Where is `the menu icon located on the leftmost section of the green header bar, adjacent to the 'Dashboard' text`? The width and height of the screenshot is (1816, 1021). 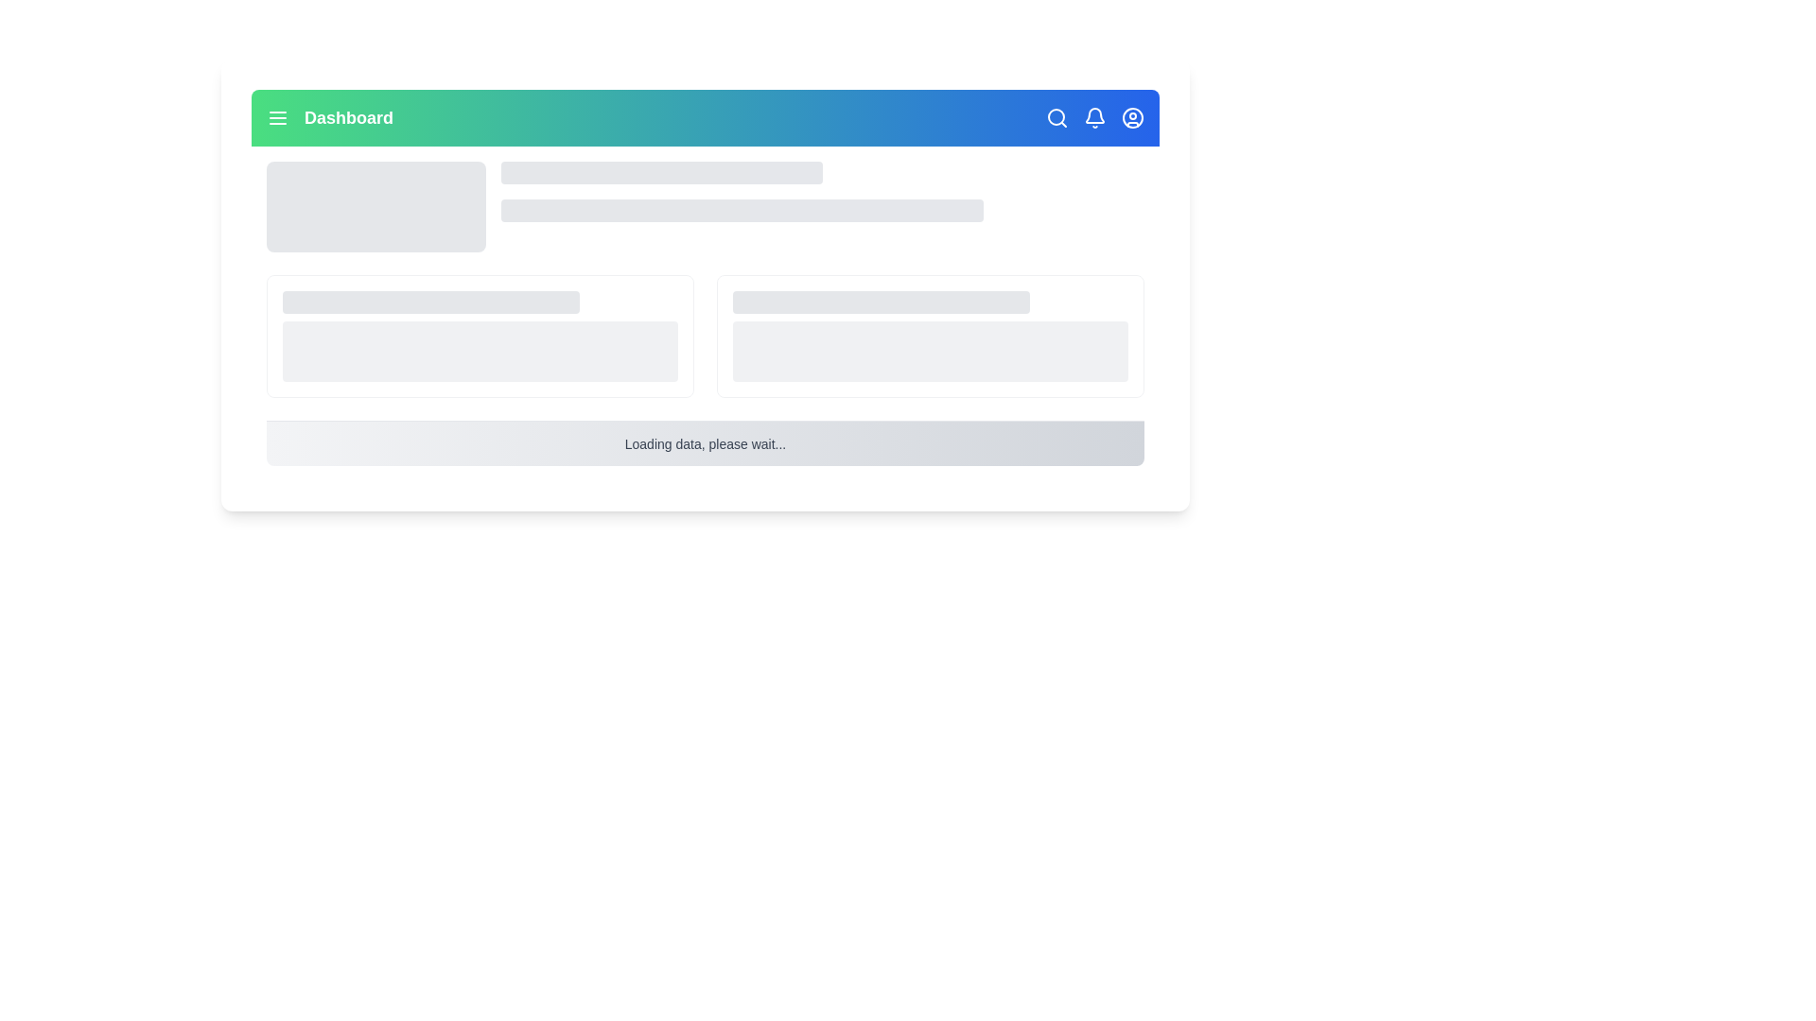 the menu icon located on the leftmost section of the green header bar, adjacent to the 'Dashboard' text is located at coordinates (276, 117).